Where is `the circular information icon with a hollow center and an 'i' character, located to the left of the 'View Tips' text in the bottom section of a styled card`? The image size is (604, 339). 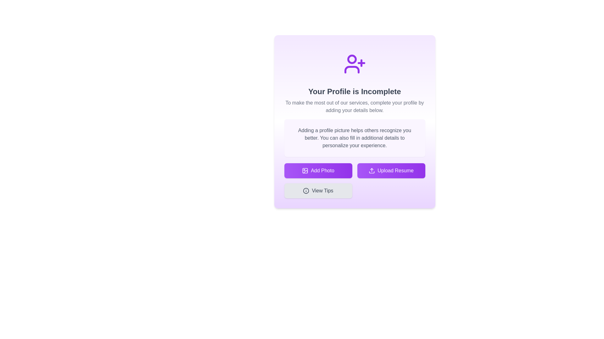
the circular information icon with a hollow center and an 'i' character, located to the left of the 'View Tips' text in the bottom section of a styled card is located at coordinates (306, 191).